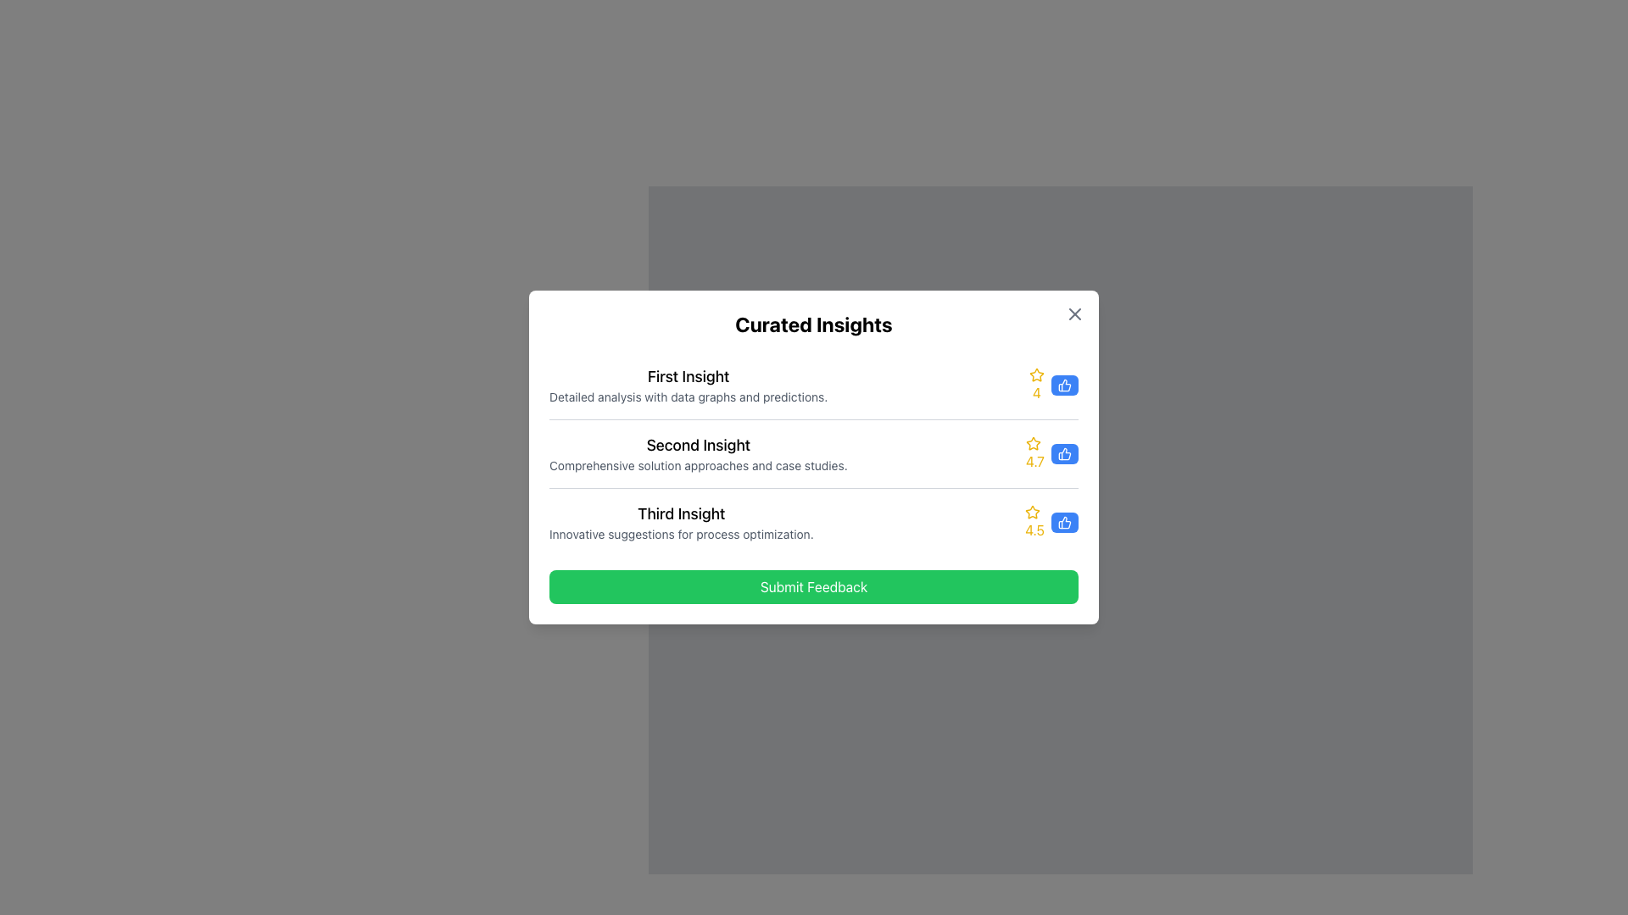  I want to click on the blue button with a white thumbs-up icon located in the top-right portion of the first insight entry within the modal dialogue to register feedback, so click(1053, 385).